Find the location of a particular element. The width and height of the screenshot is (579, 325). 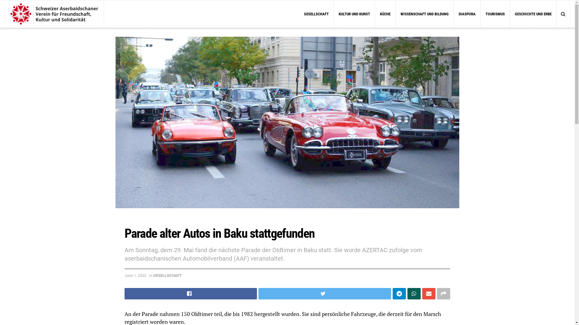

'TOURISMUS' is located at coordinates (495, 14).